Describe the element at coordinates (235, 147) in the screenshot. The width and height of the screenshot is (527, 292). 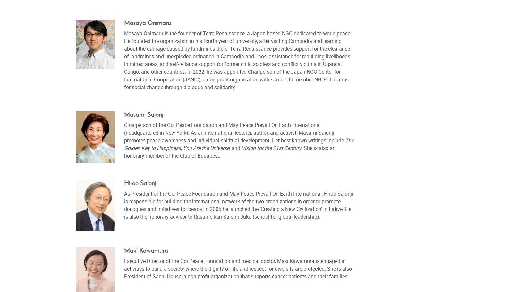
I see `', and'` at that location.